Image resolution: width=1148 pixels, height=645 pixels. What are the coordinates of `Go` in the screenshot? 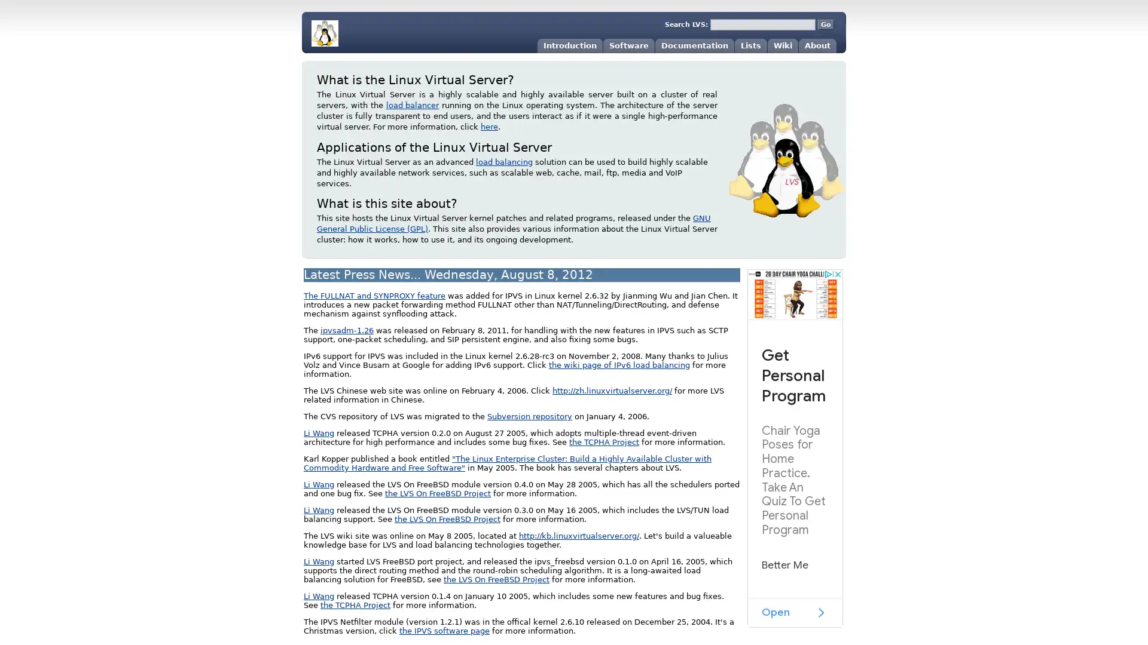 It's located at (825, 24).